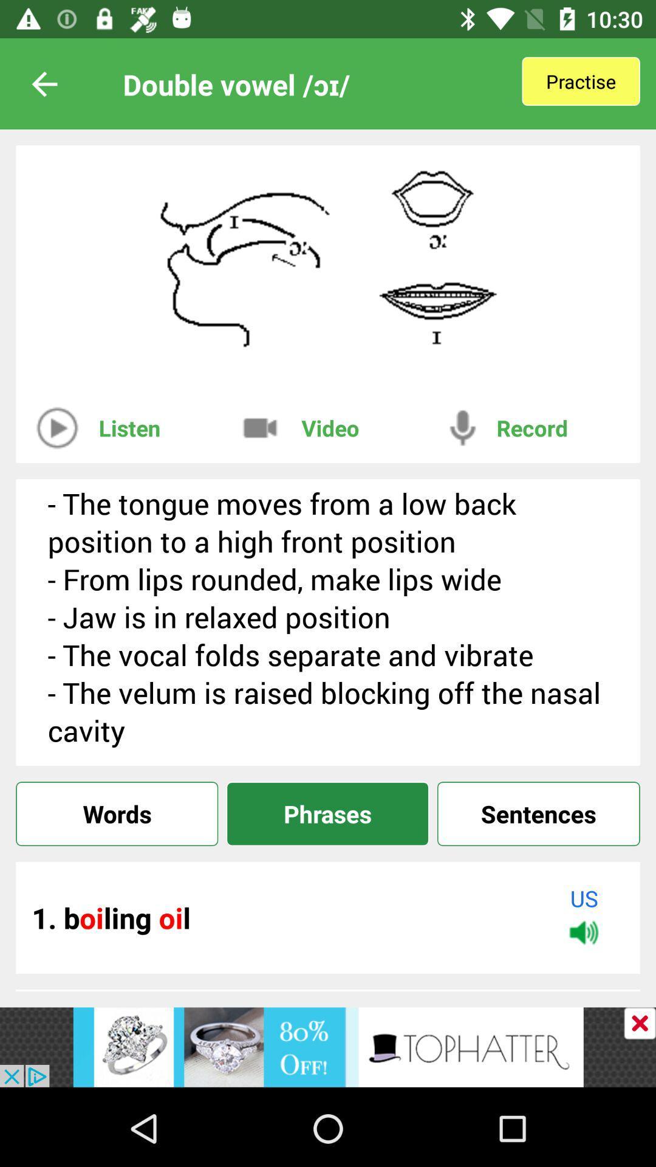  What do you see at coordinates (639, 1022) in the screenshot?
I see `advertisements` at bounding box center [639, 1022].